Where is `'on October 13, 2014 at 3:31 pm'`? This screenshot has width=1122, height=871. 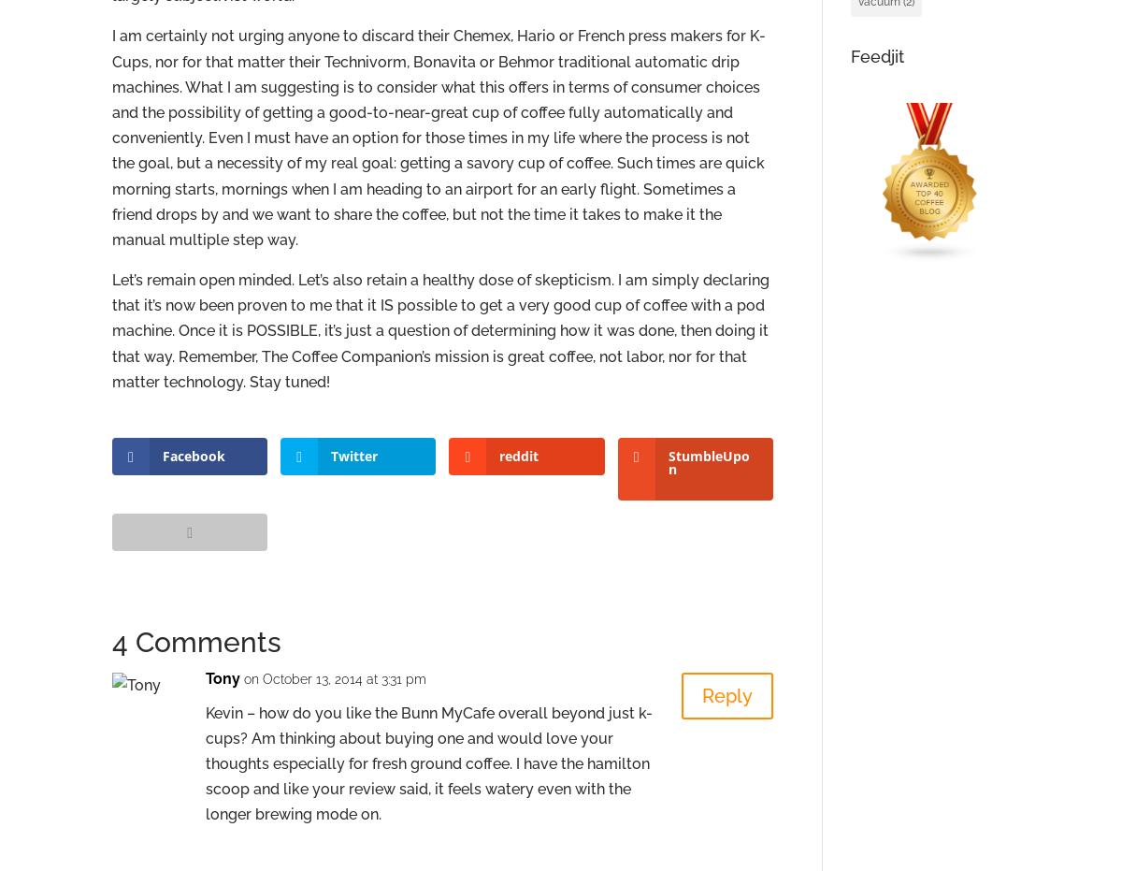 'on October 13, 2014 at 3:31 pm' is located at coordinates (335, 677).